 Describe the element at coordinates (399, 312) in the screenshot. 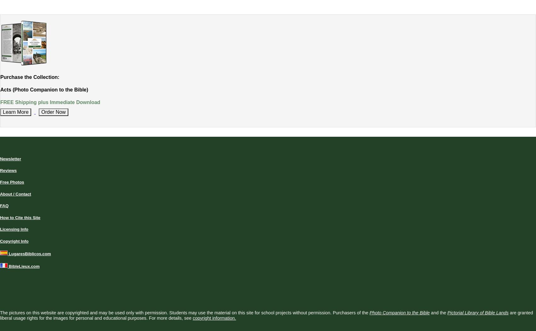

I see `'Photo Companion to the Bible'` at that location.